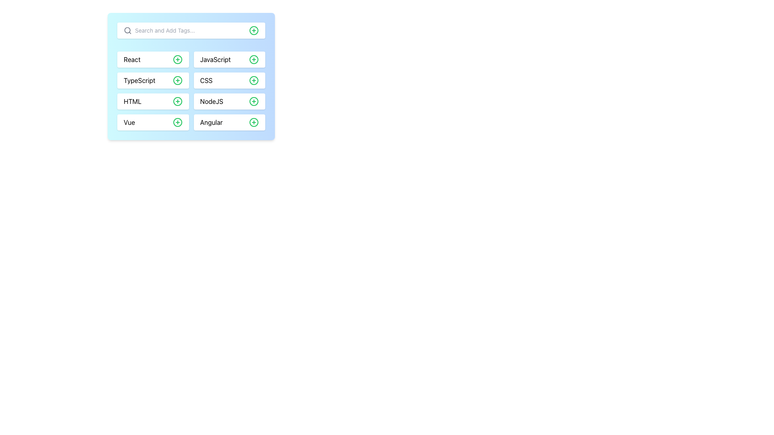 Image resolution: width=774 pixels, height=435 pixels. What do you see at coordinates (253, 101) in the screenshot?
I see `the green circular button with a plus sign '+' located to the right of the 'NodeJS' text label` at bounding box center [253, 101].